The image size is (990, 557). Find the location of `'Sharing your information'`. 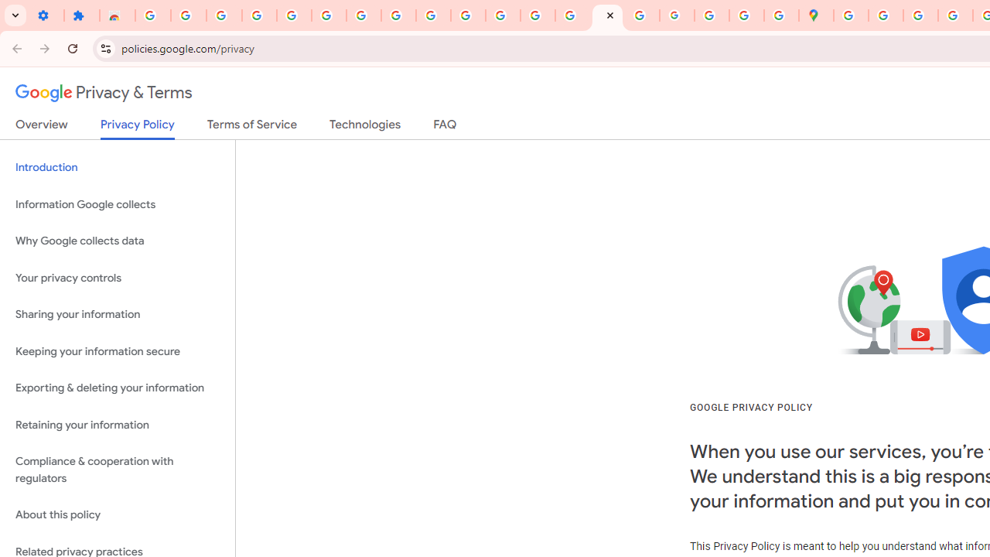

'Sharing your information' is located at coordinates (117, 314).